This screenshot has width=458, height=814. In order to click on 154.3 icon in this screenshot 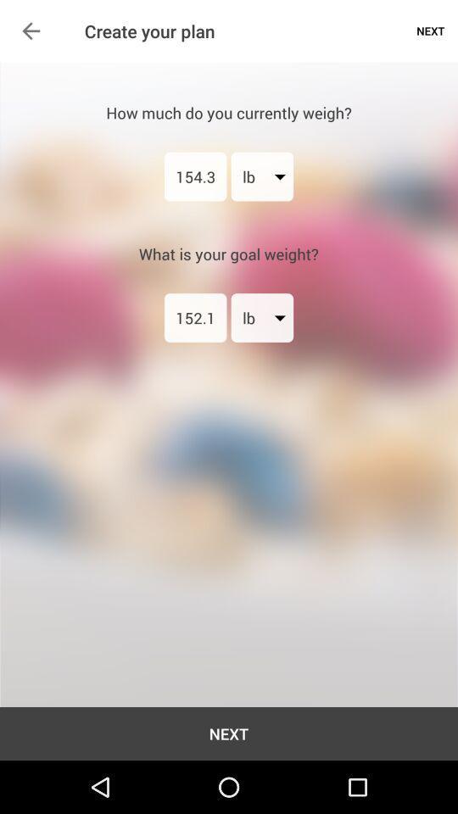, I will do `click(194, 176)`.